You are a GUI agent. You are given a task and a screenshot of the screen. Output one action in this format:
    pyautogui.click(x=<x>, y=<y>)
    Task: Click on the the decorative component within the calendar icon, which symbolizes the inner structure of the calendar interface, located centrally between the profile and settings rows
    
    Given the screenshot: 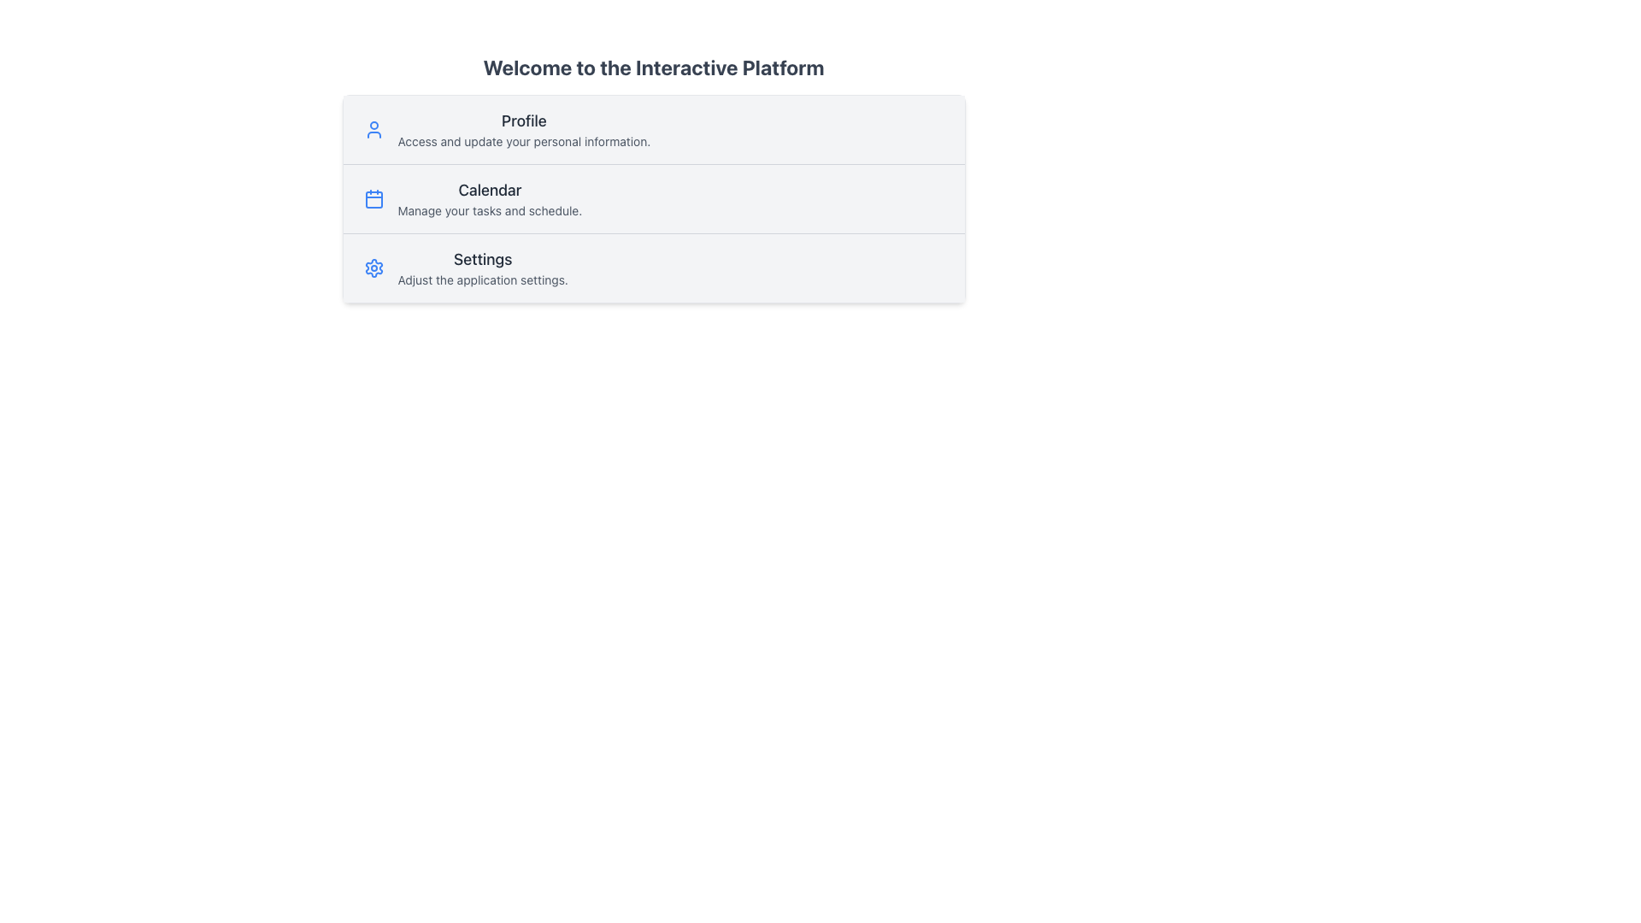 What is the action you would take?
    pyautogui.click(x=373, y=199)
    